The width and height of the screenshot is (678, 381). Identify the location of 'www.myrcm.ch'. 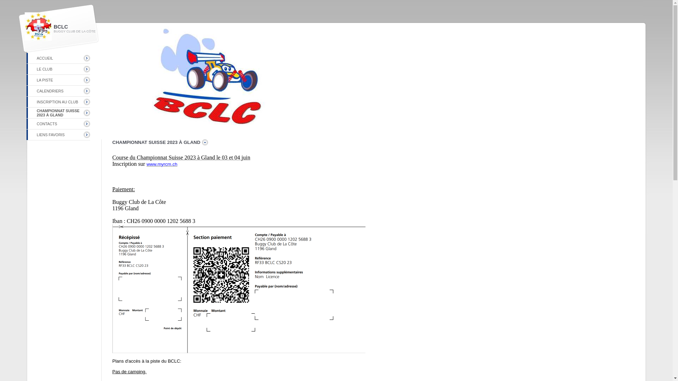
(161, 164).